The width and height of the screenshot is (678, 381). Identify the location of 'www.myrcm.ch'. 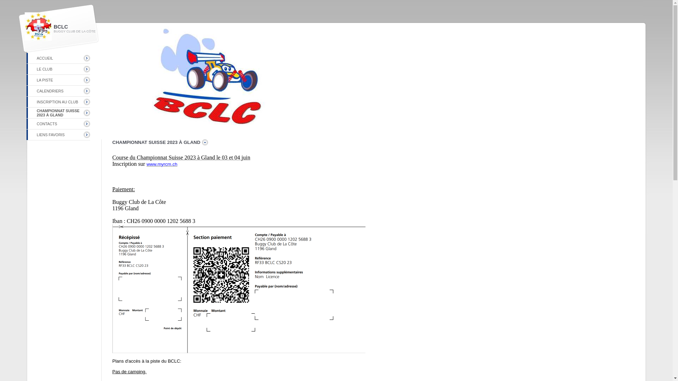
(161, 164).